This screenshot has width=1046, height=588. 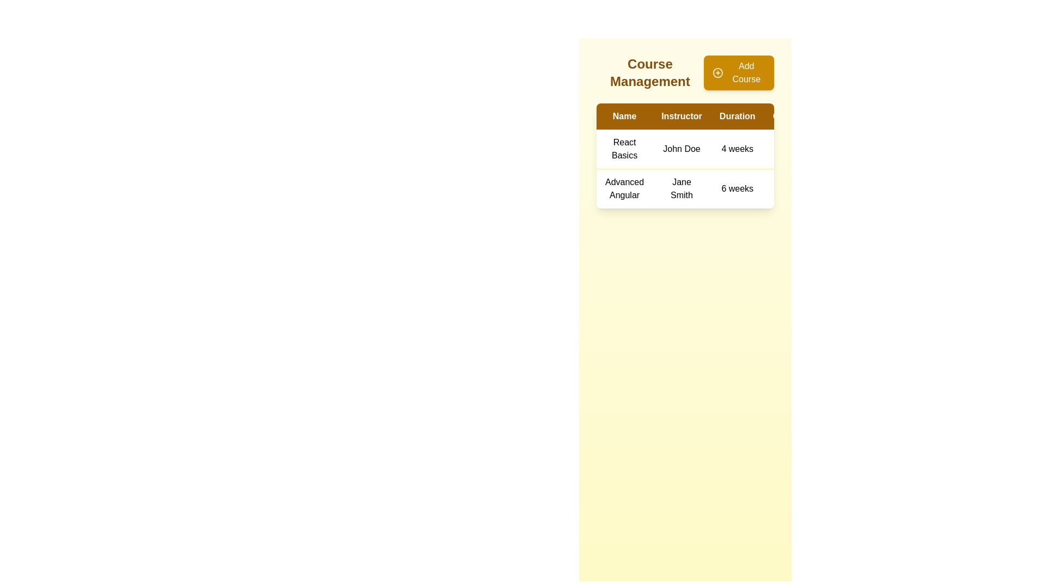 What do you see at coordinates (732, 169) in the screenshot?
I see `the table row containing course information for 'React Basics' and 'Advanced Angular' to view details about the courses` at bounding box center [732, 169].